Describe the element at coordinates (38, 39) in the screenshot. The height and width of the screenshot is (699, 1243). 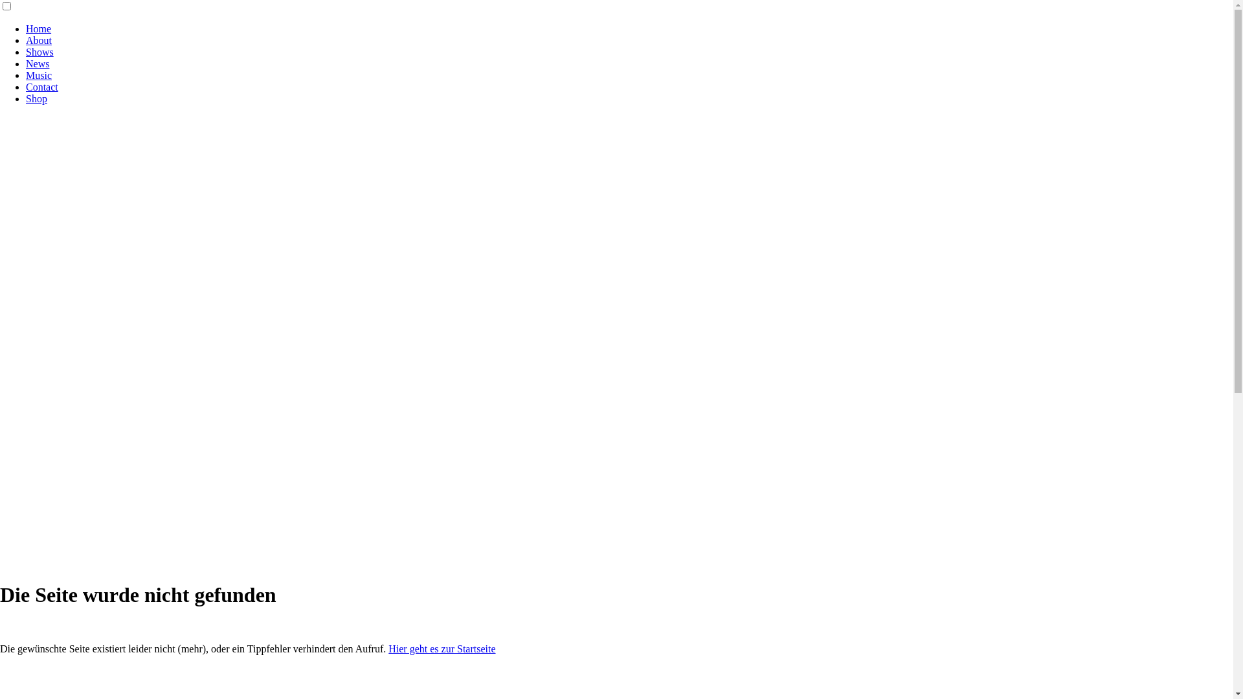
I see `'About'` at that location.